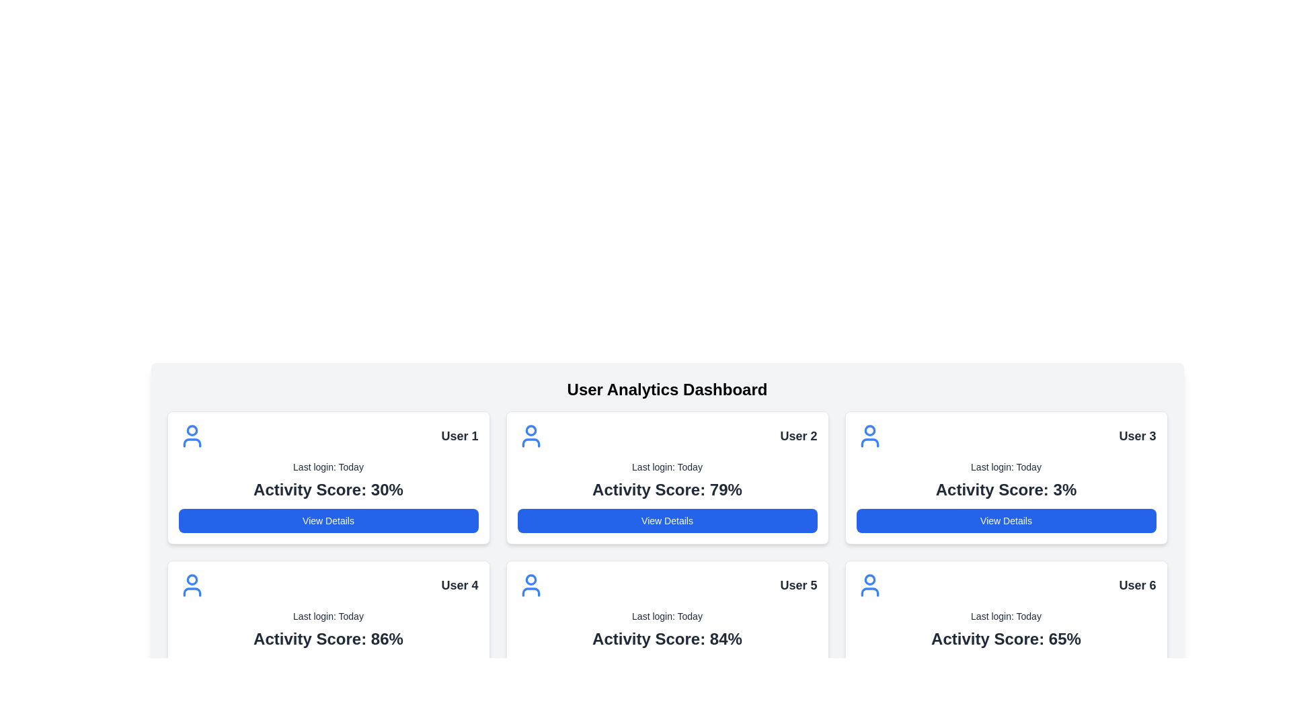 The height and width of the screenshot is (726, 1291). What do you see at coordinates (530, 585) in the screenshot?
I see `the icon representing 'User 5' located in the top-left corner of the card, adjacent to the title 'User 5'` at bounding box center [530, 585].